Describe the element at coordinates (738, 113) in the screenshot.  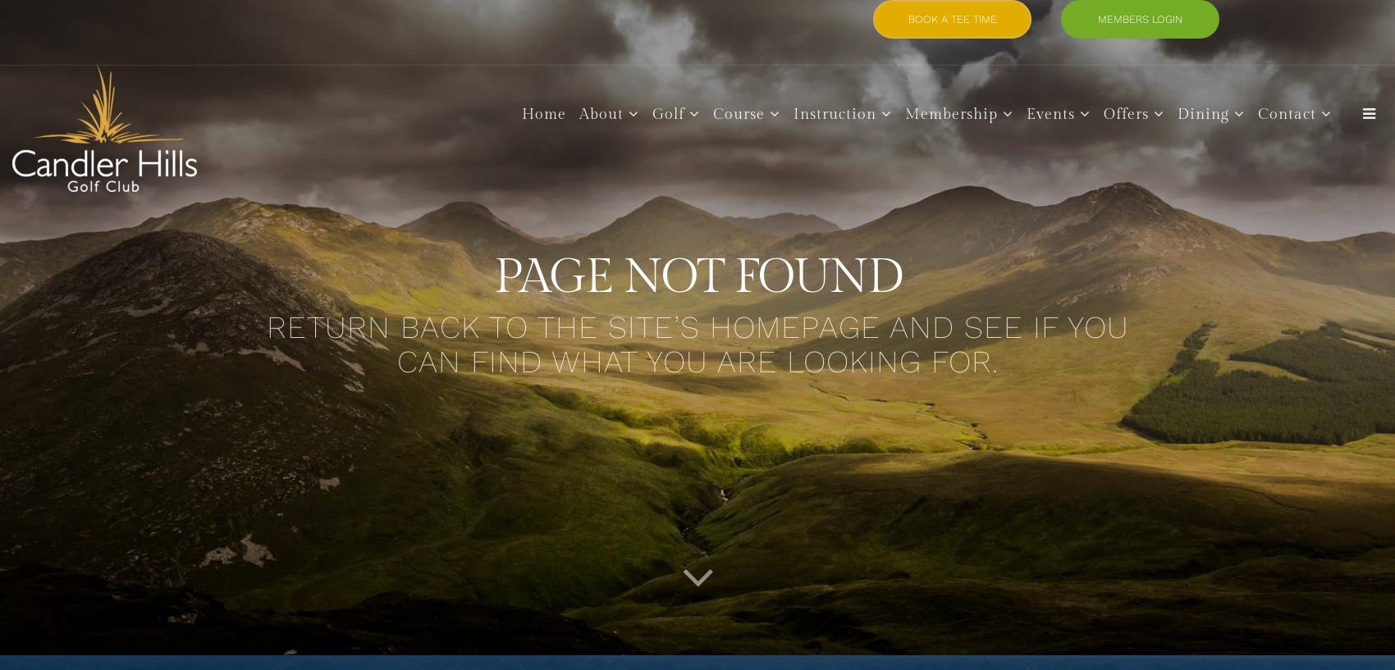
I see `'Course'` at that location.